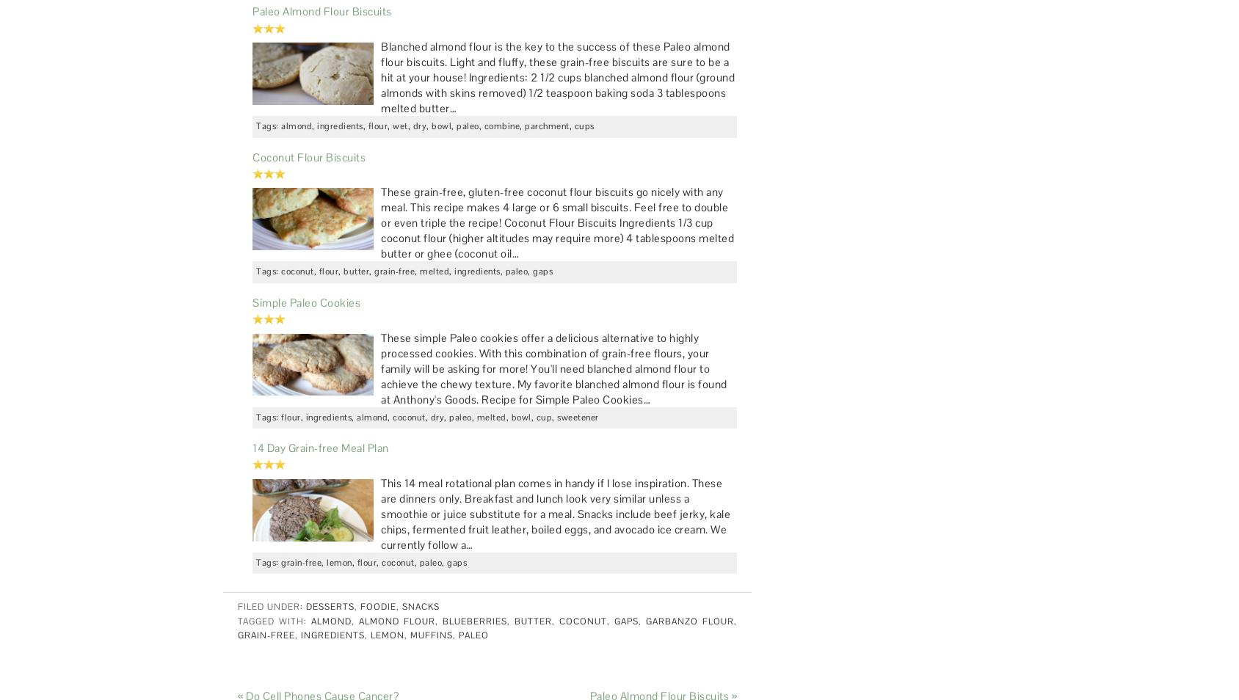  I want to click on 'ingredients', so click(332, 635).